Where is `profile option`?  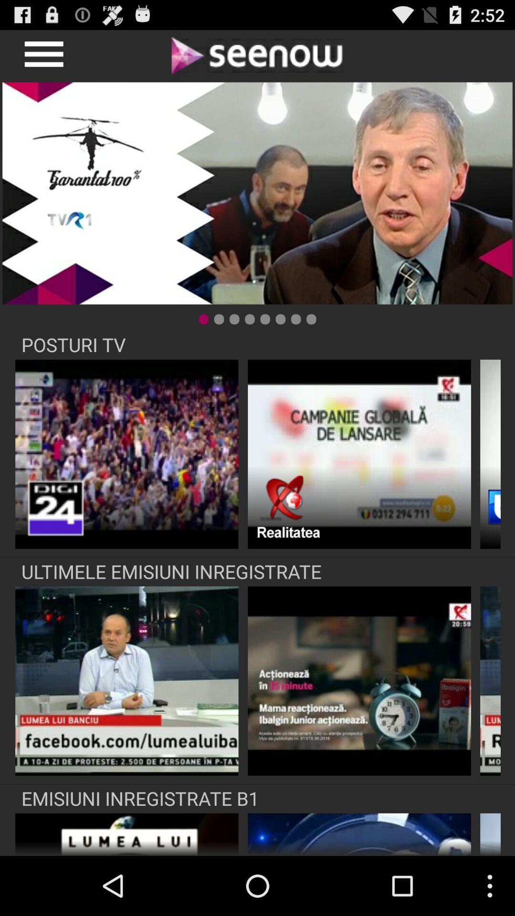 profile option is located at coordinates (42, 54).